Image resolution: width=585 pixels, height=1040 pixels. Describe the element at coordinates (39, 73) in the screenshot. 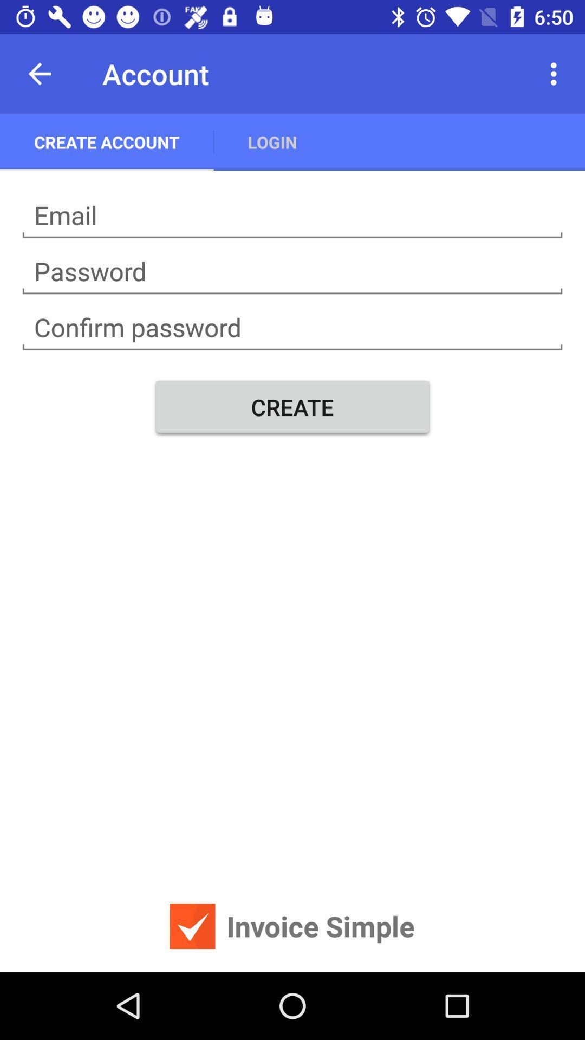

I see `the item to the left of account icon` at that location.